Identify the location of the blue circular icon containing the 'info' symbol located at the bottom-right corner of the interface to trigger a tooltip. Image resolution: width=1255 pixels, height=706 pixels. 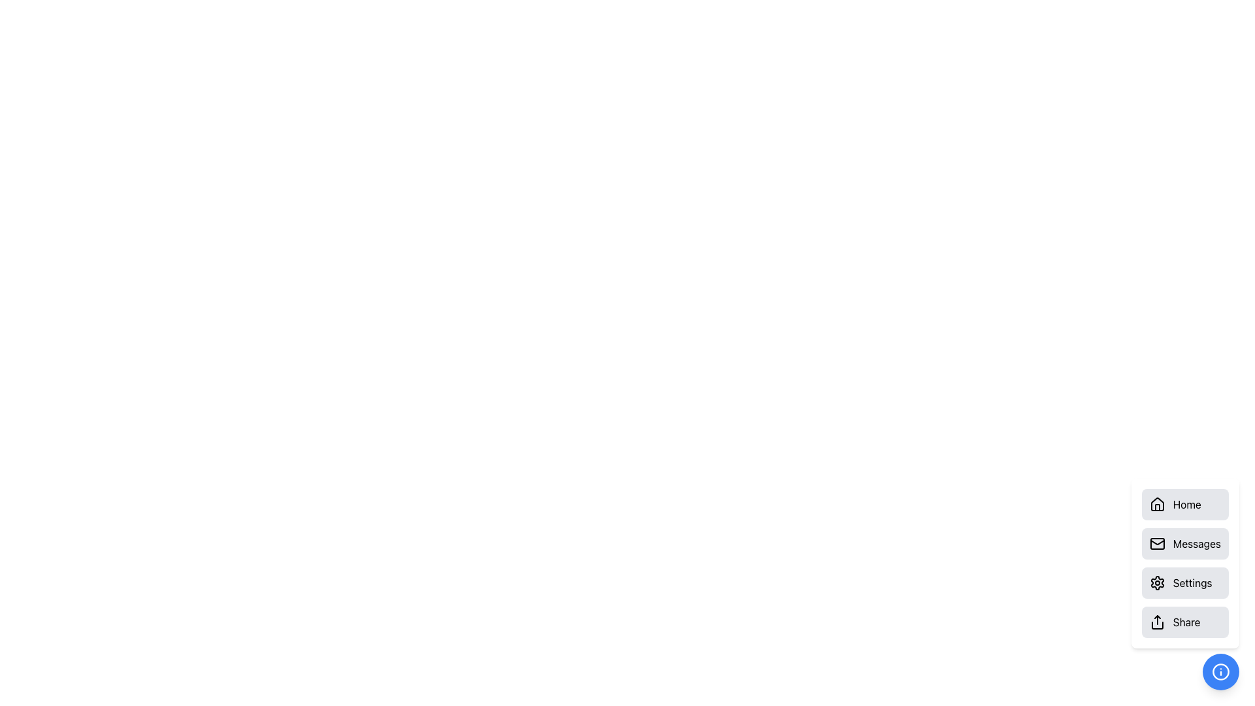
(1220, 672).